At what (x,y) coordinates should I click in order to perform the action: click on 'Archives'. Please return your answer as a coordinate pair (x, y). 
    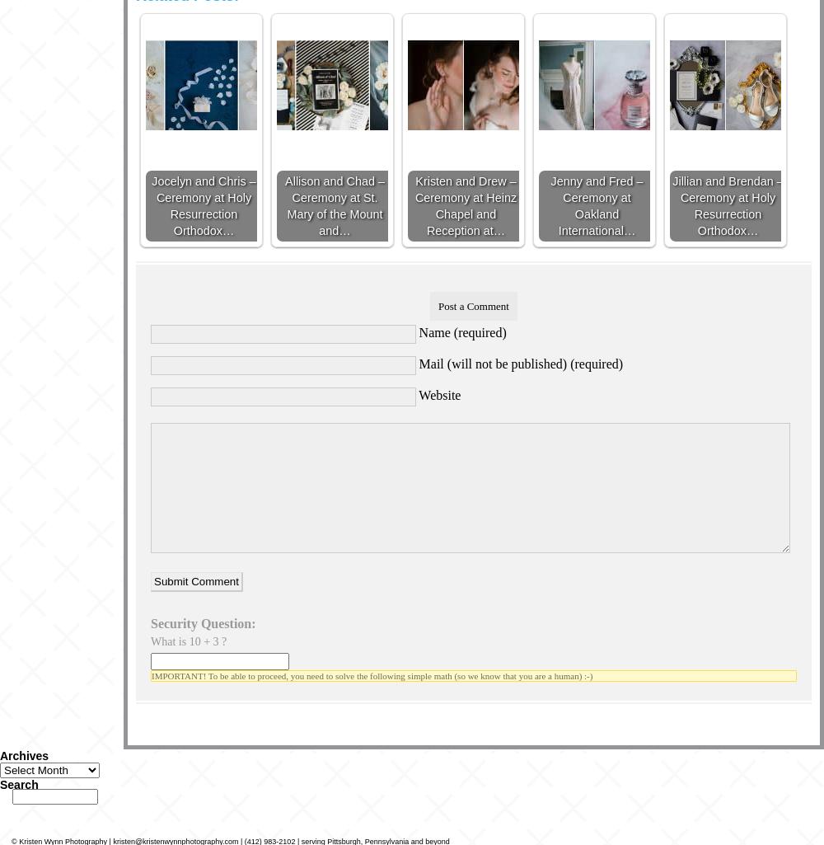
    Looking at the image, I should click on (0, 754).